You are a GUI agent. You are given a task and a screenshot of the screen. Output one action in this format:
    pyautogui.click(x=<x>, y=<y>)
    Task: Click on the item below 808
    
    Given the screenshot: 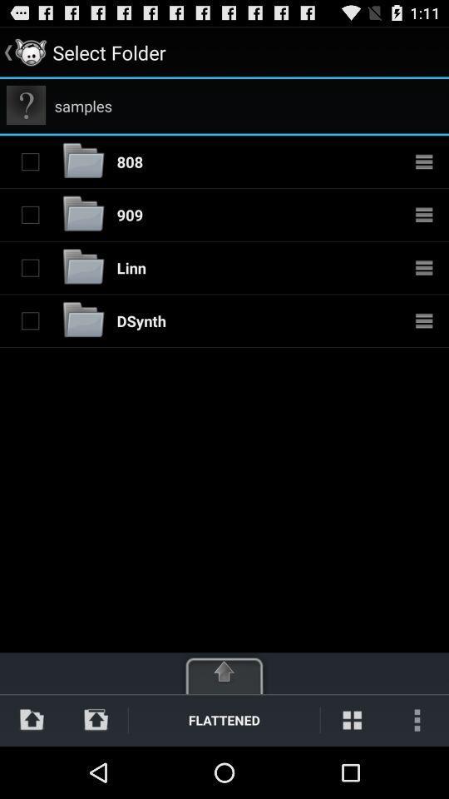 What is the action you would take?
    pyautogui.click(x=129, y=213)
    